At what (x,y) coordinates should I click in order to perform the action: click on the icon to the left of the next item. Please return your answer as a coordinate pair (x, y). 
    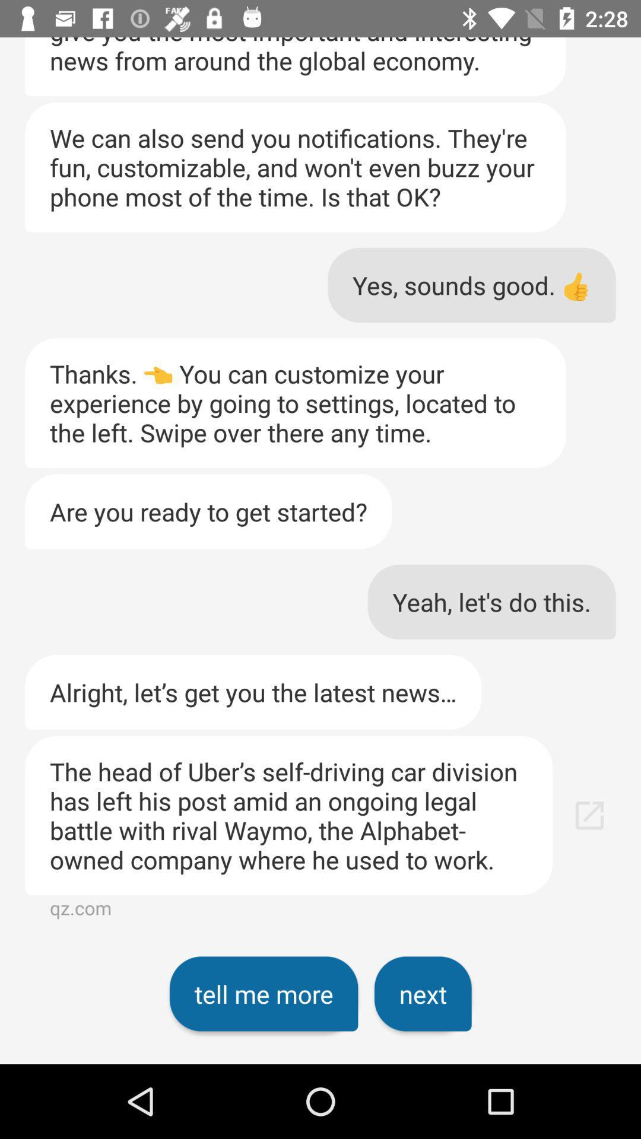
    Looking at the image, I should click on (263, 994).